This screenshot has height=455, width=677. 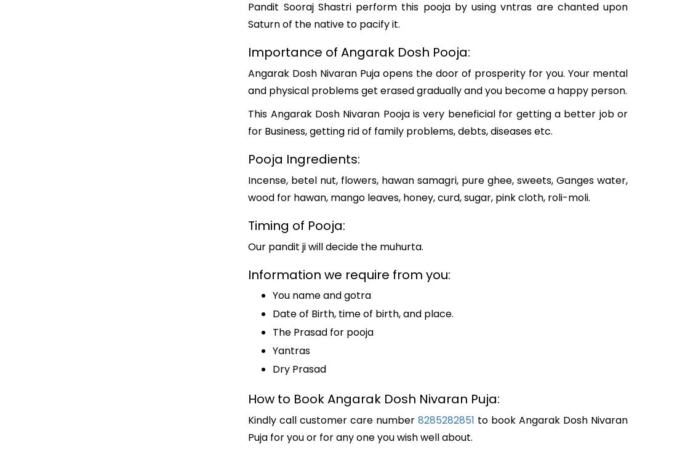 What do you see at coordinates (248, 274) in the screenshot?
I see `'Information we require from you:'` at bounding box center [248, 274].